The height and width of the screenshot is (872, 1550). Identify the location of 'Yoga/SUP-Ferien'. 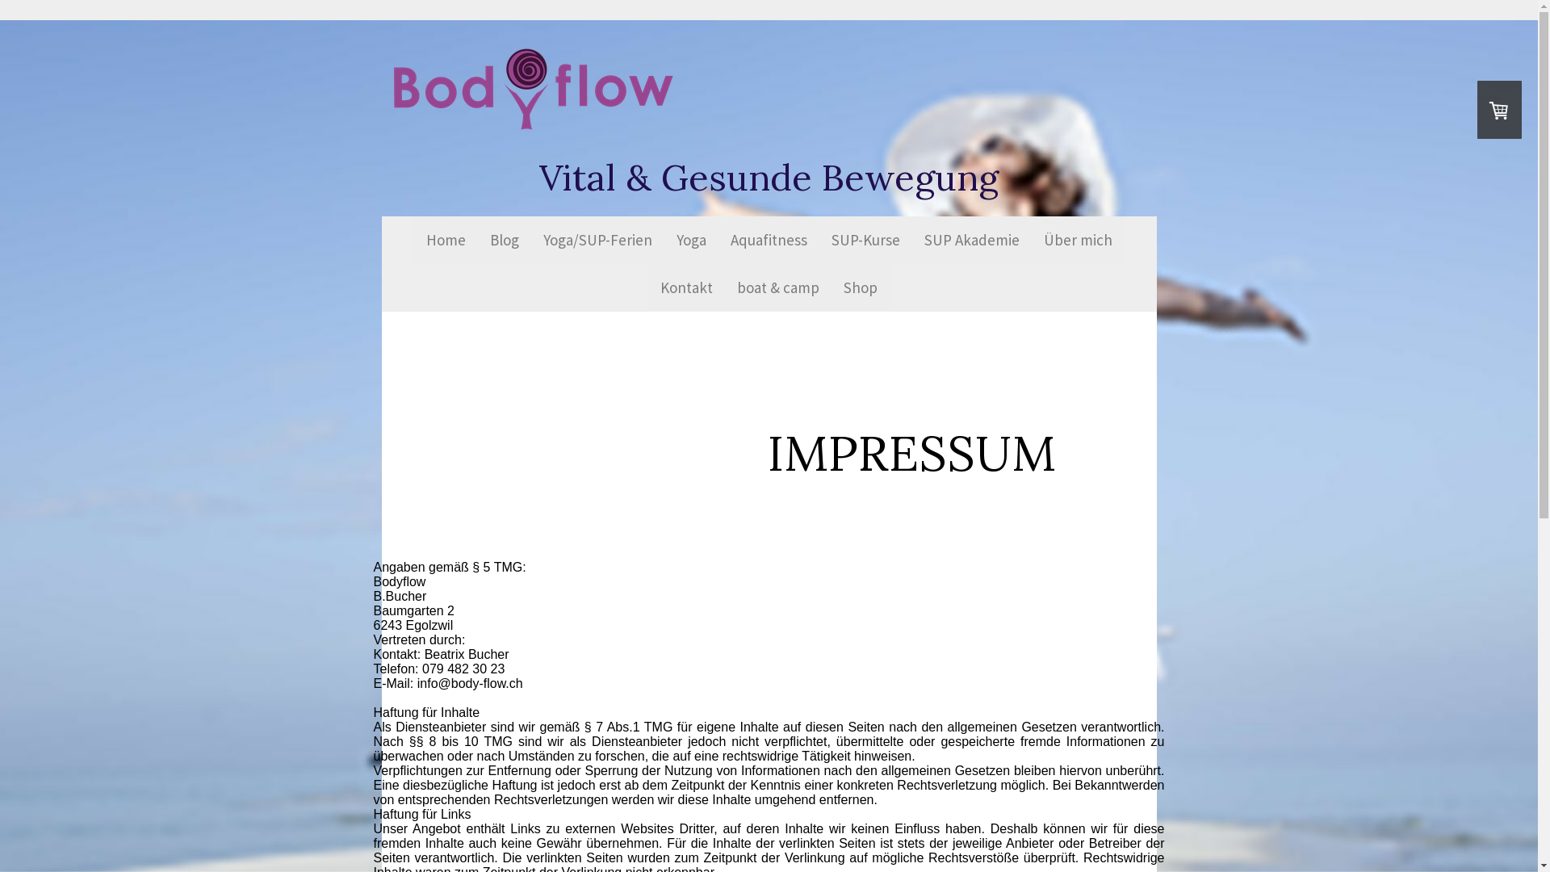
(530, 240).